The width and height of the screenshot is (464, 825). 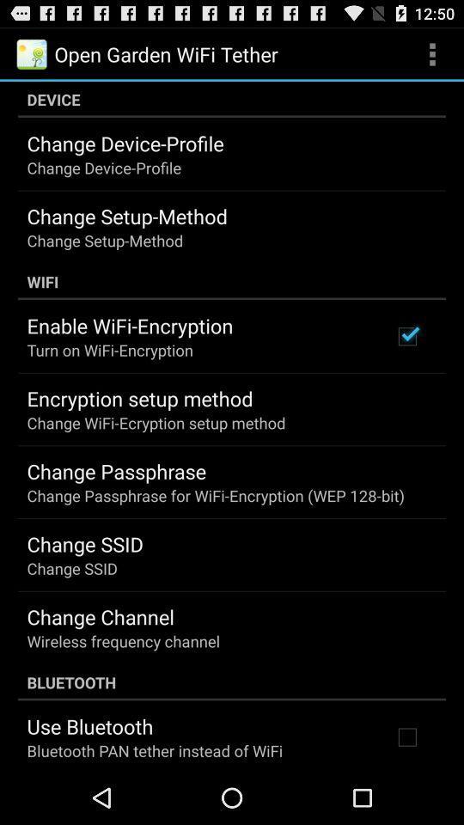 What do you see at coordinates (101, 616) in the screenshot?
I see `app above wireless frequency channel item` at bounding box center [101, 616].